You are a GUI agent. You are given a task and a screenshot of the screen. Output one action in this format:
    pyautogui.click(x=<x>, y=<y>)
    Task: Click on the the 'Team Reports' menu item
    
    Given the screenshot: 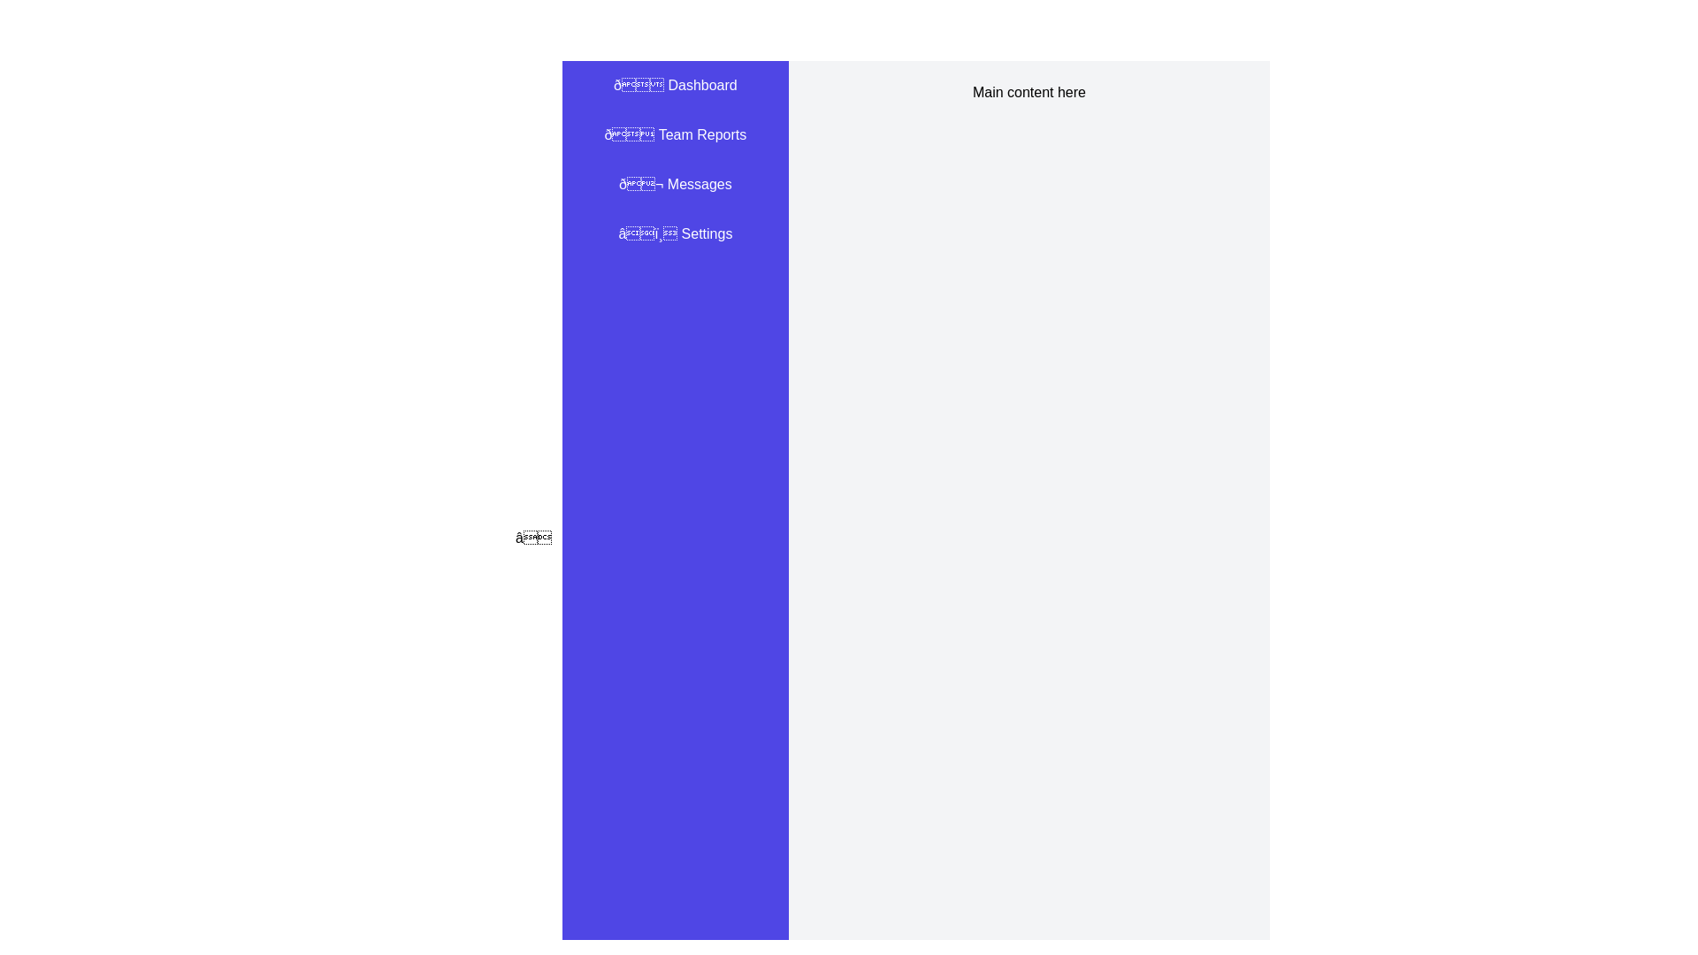 What is the action you would take?
    pyautogui.click(x=674, y=134)
    